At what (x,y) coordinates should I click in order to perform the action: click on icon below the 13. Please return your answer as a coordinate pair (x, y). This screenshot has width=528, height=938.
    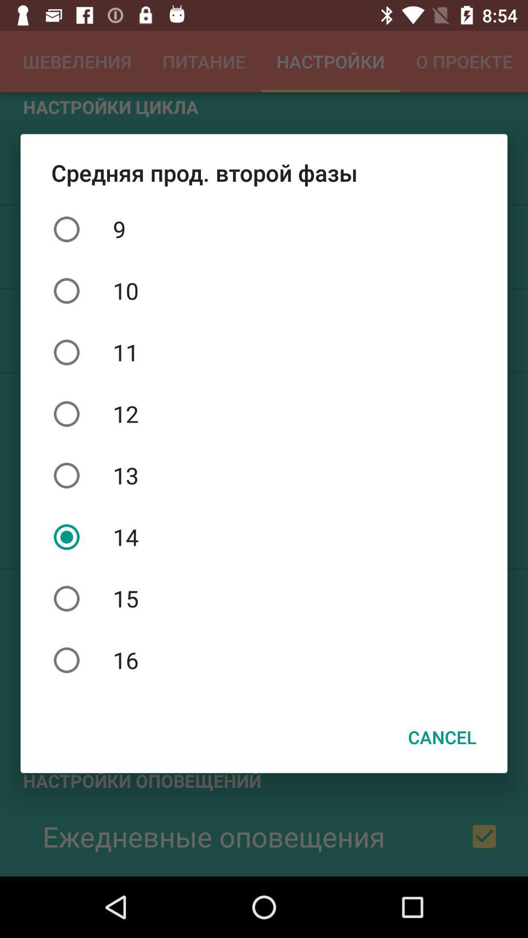
    Looking at the image, I should click on (264, 536).